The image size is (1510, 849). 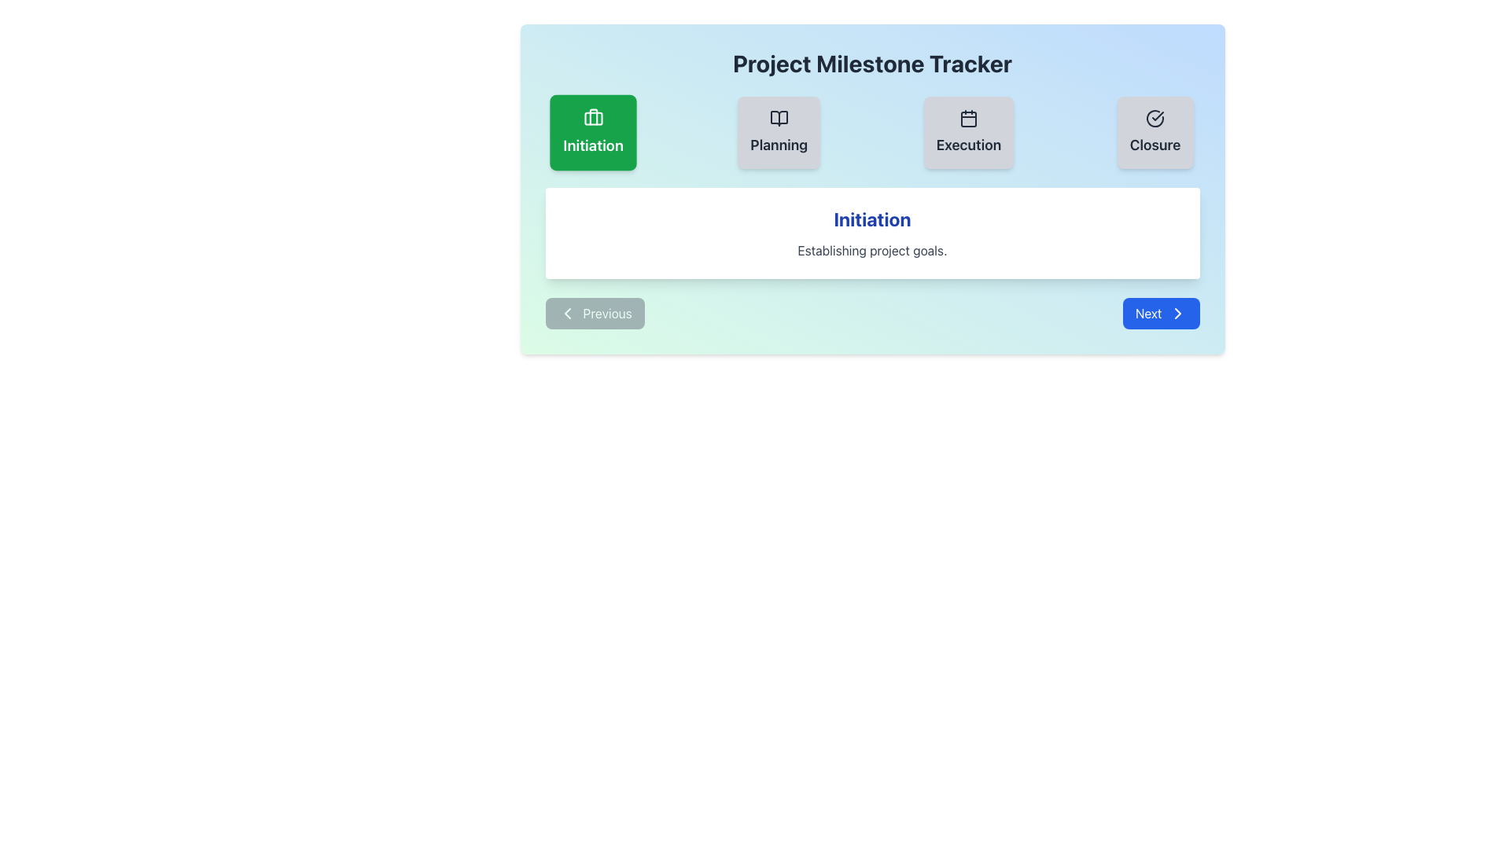 I want to click on the foundational structure of the calendar icon, which is part of the 'Execution' milestone item in the horizontal list of milestones, so click(x=967, y=118).